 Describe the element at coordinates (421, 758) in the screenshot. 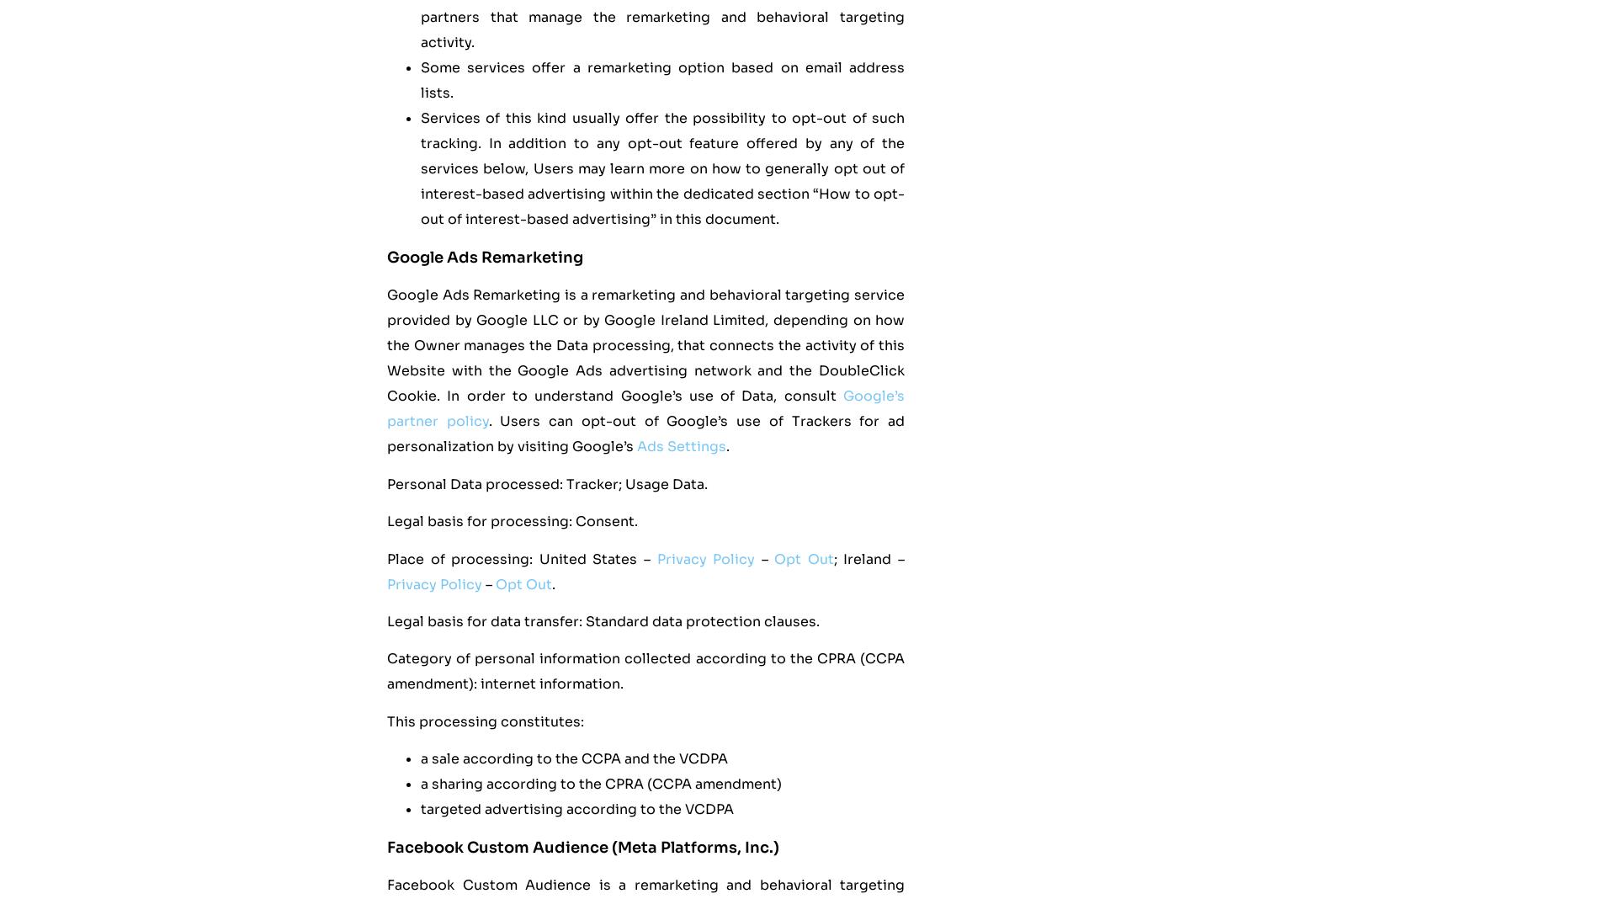

I see `'a sale according to the CCPA and the VCDPA'` at that location.